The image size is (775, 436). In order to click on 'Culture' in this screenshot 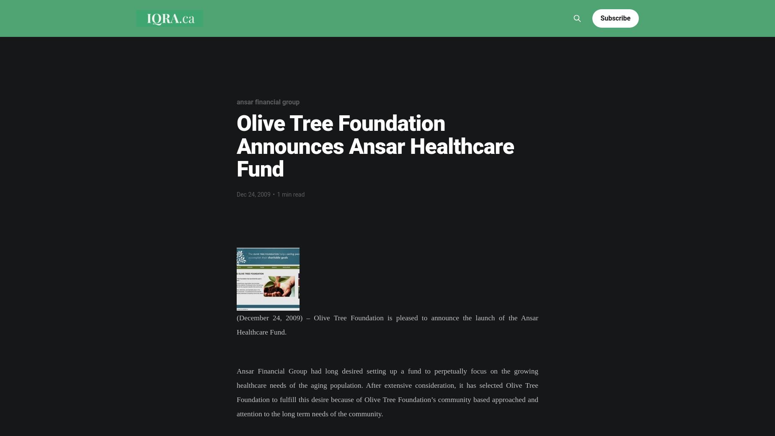, I will do `click(457, 5)`.